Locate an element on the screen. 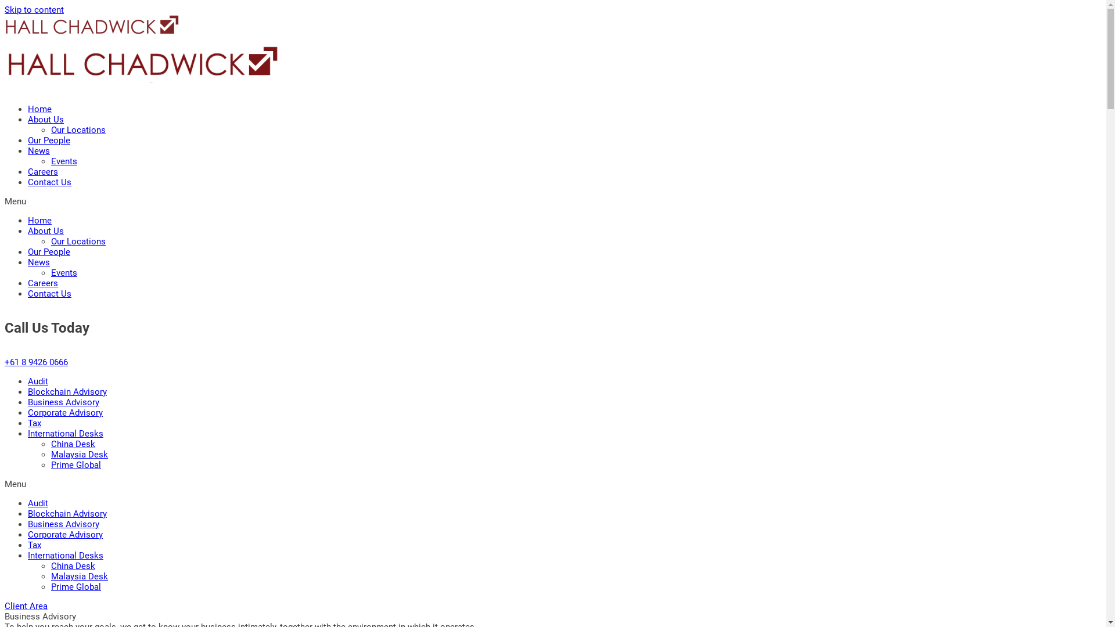  '+61 8 9426 0666' is located at coordinates (36, 362).